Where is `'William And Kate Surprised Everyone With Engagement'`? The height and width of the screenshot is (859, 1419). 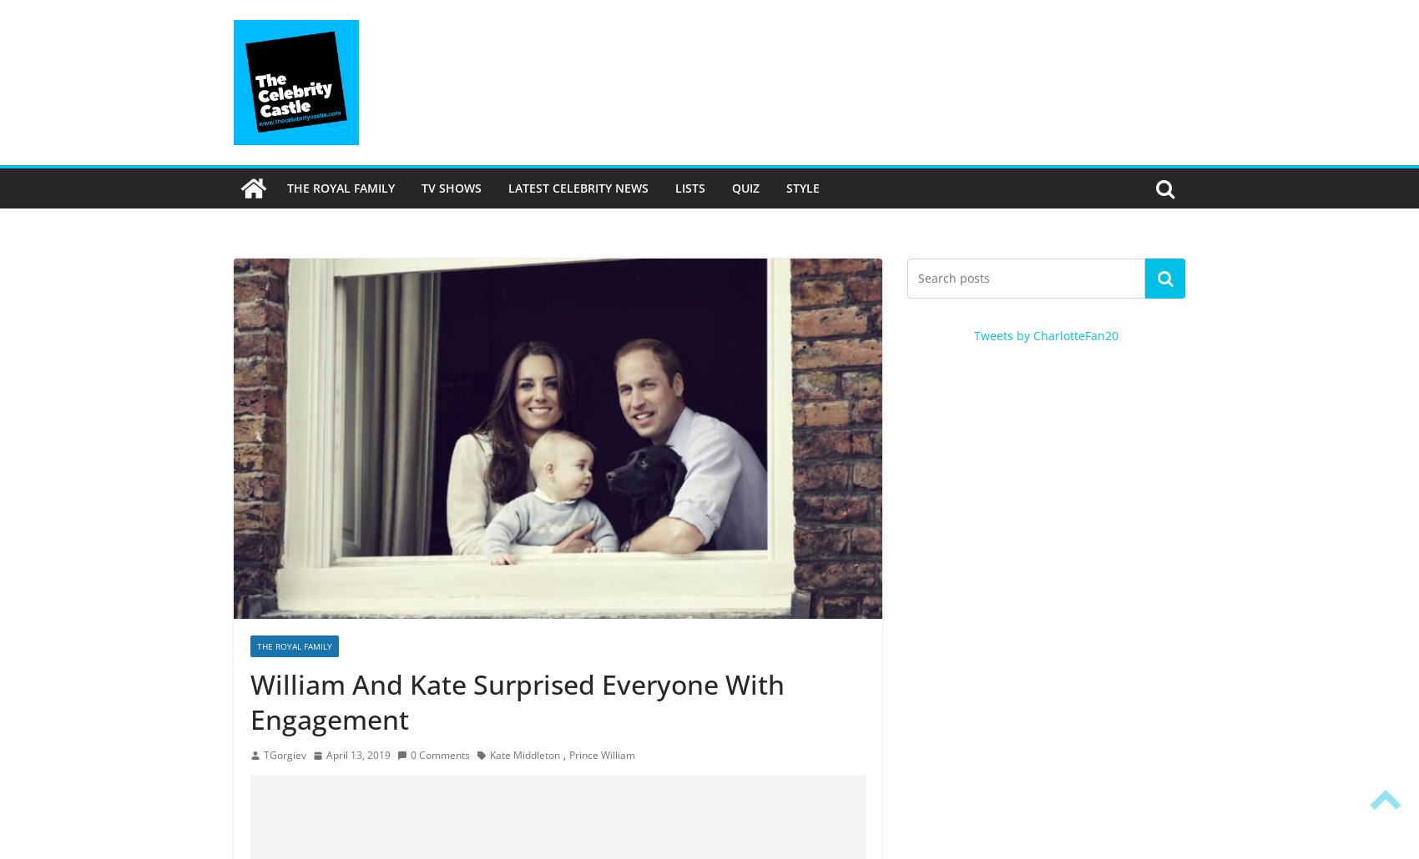 'William And Kate Surprised Everyone With Engagement' is located at coordinates (516, 700).